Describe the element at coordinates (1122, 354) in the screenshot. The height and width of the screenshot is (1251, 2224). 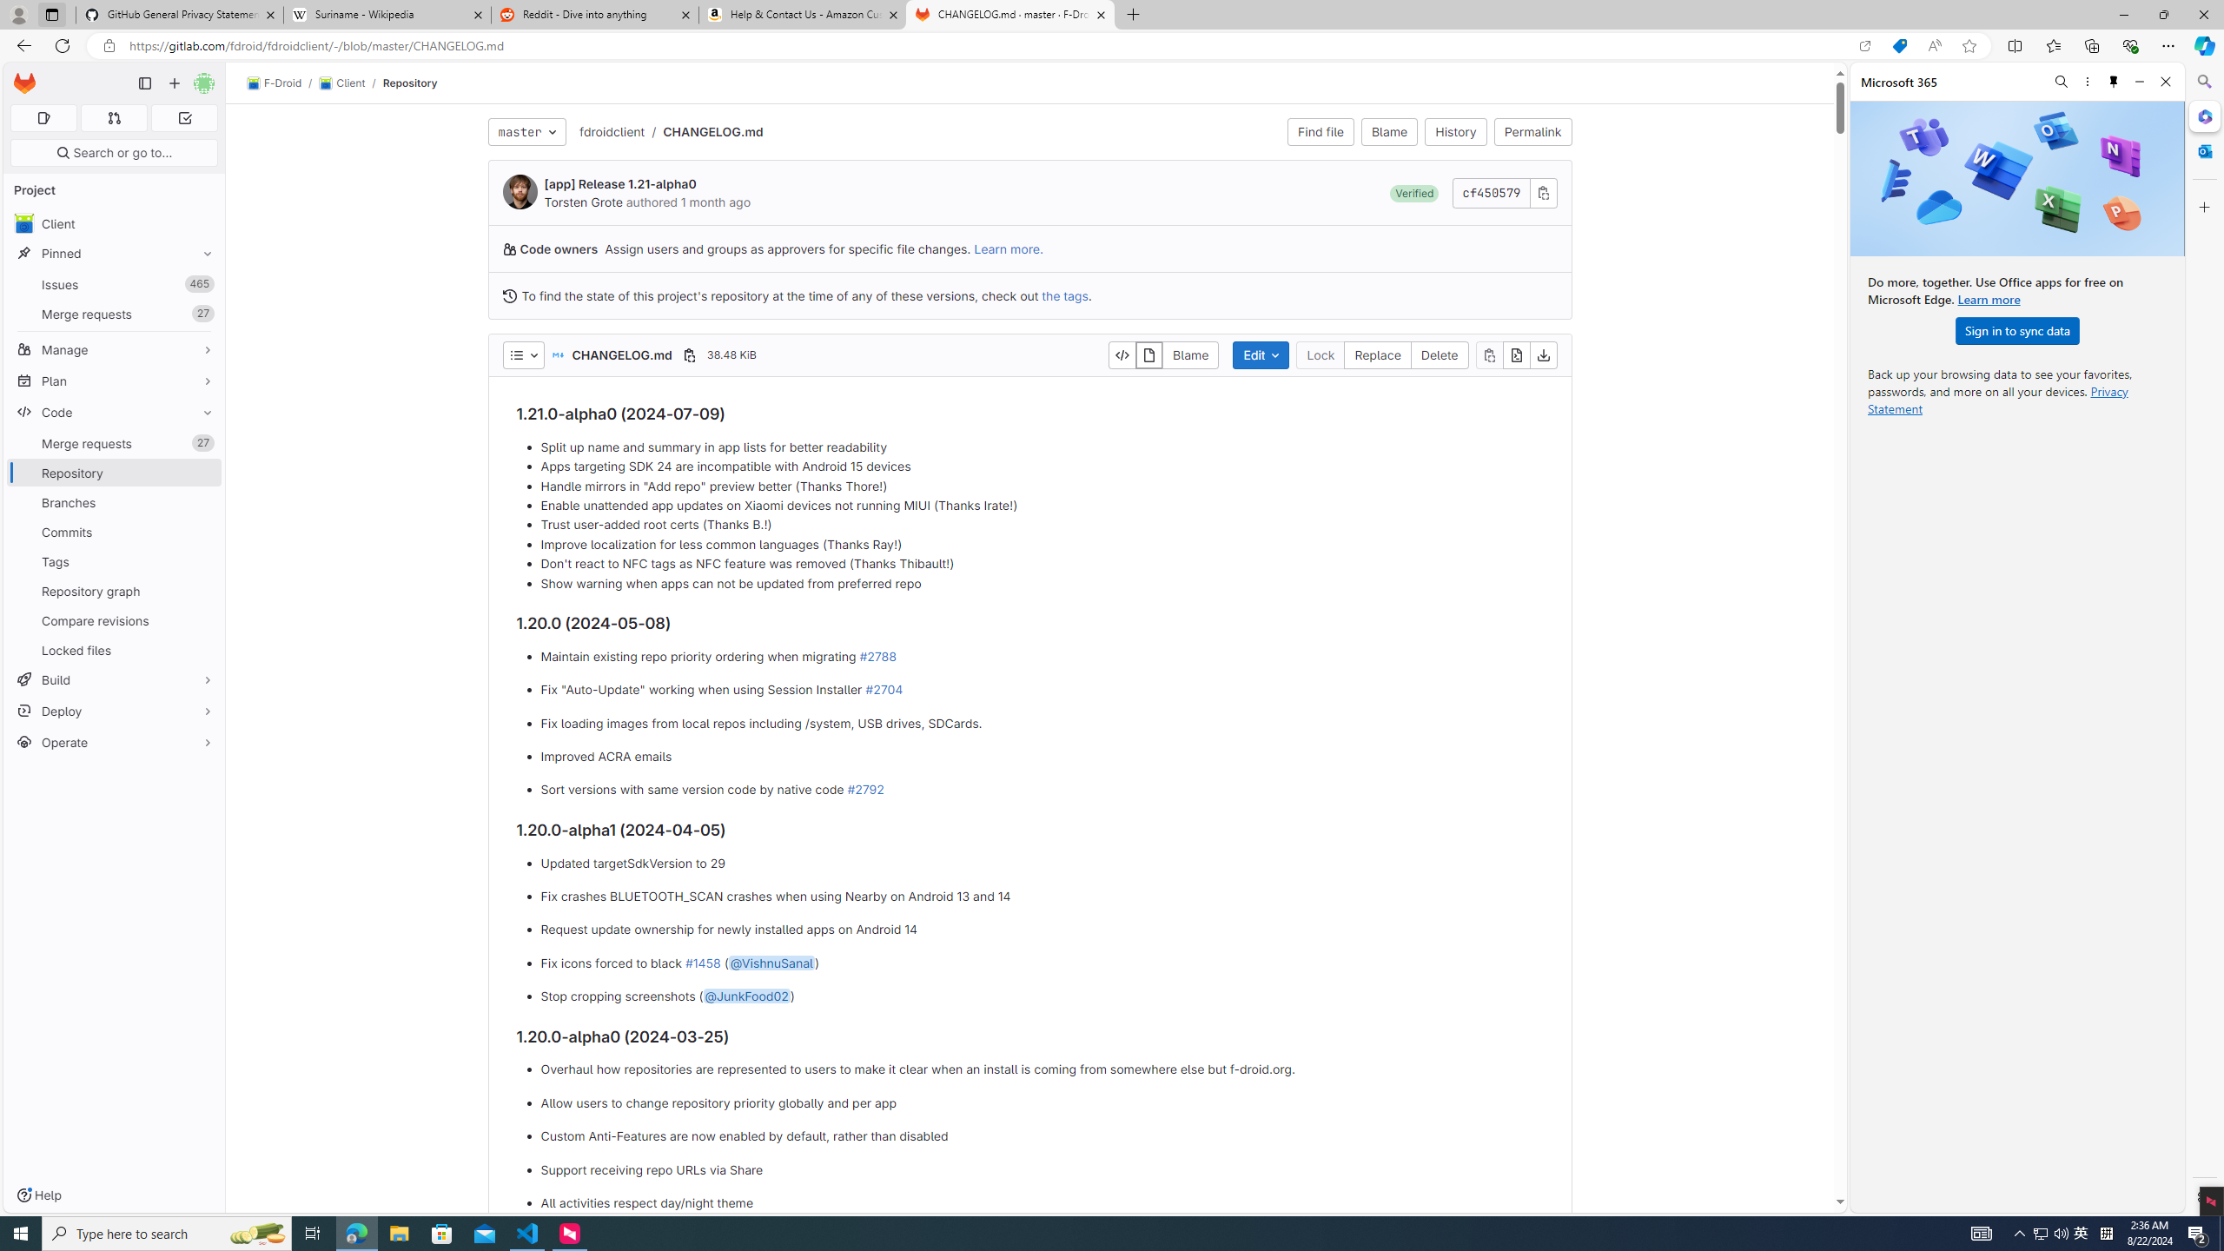
I see `'Display source'` at that location.